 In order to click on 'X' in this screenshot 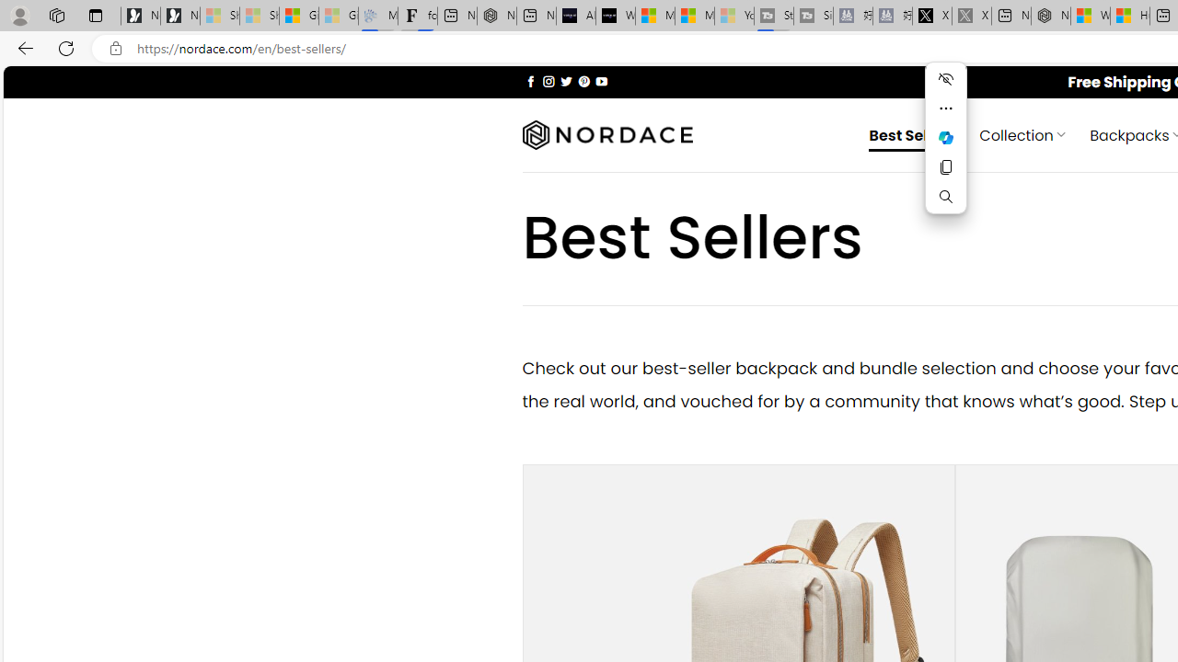, I will do `click(932, 16)`.